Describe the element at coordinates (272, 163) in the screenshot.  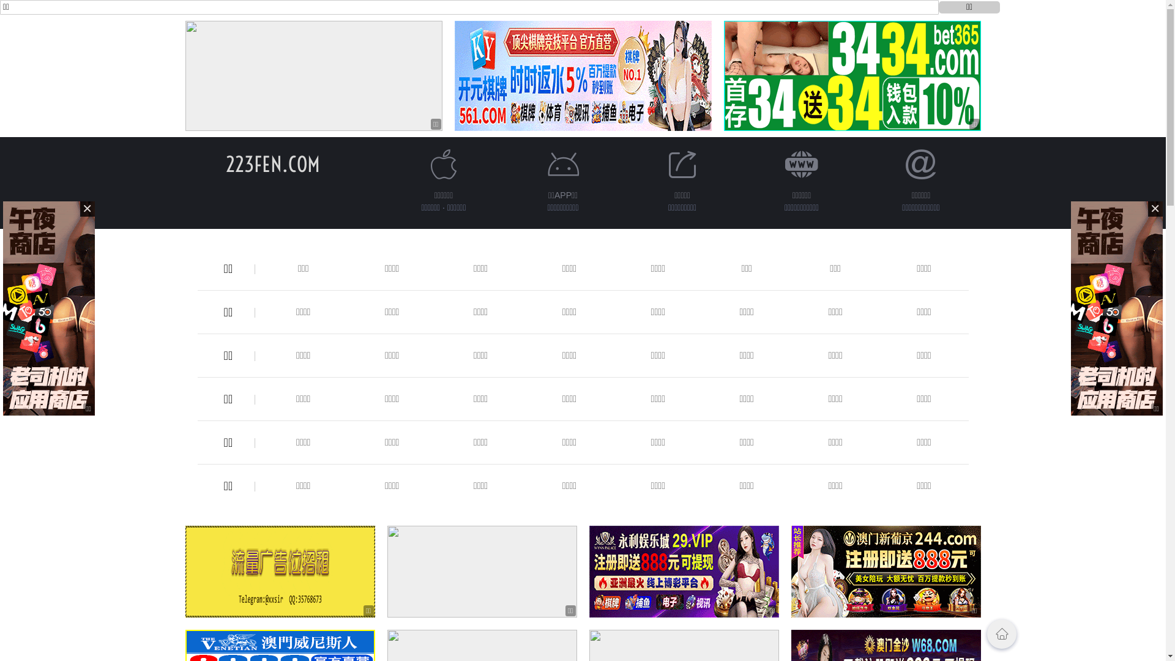
I see `'223FEN.COM'` at that location.